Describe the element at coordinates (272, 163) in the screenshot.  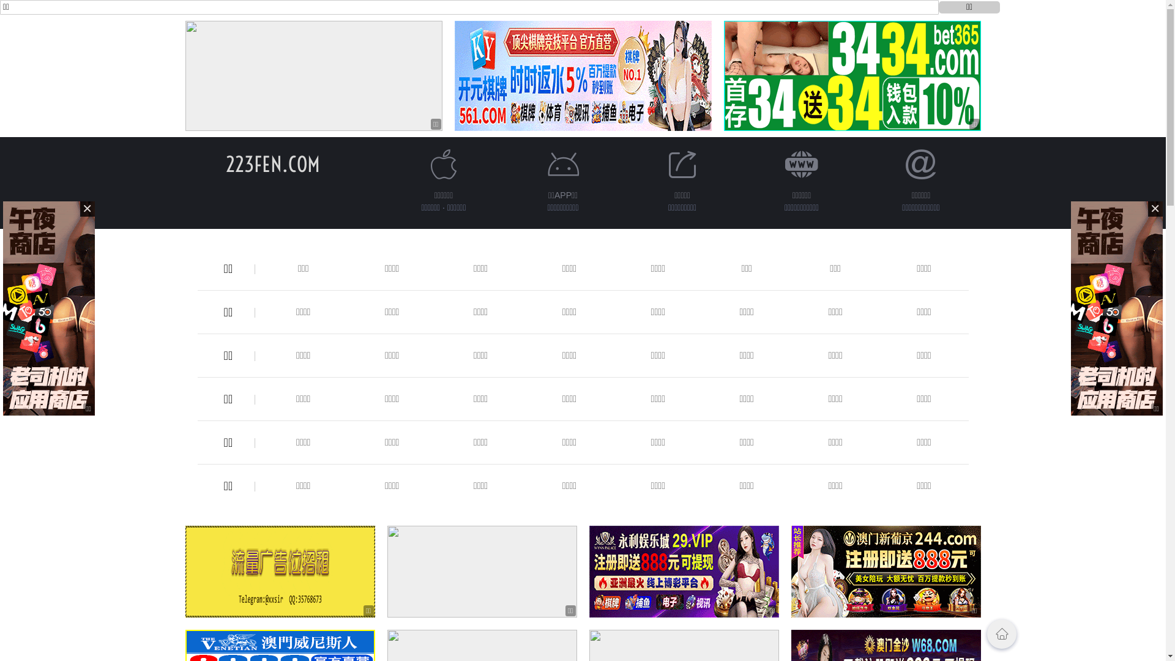
I see `'223FEN.COM'` at that location.